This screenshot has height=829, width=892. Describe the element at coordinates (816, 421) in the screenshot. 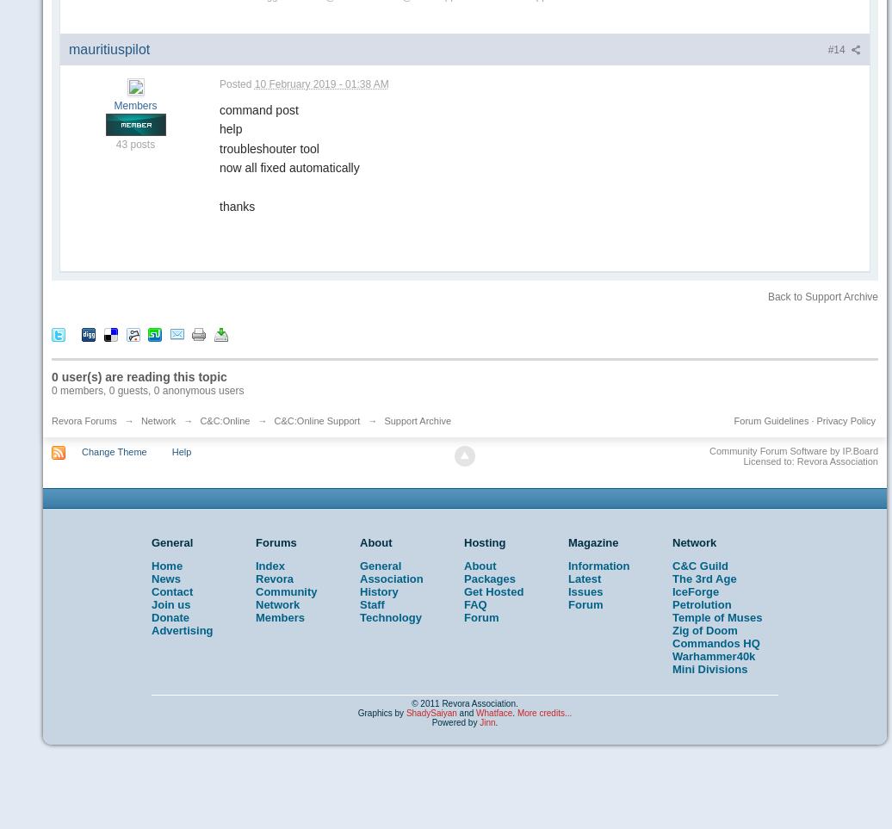

I see `'Privacy Policy'` at that location.